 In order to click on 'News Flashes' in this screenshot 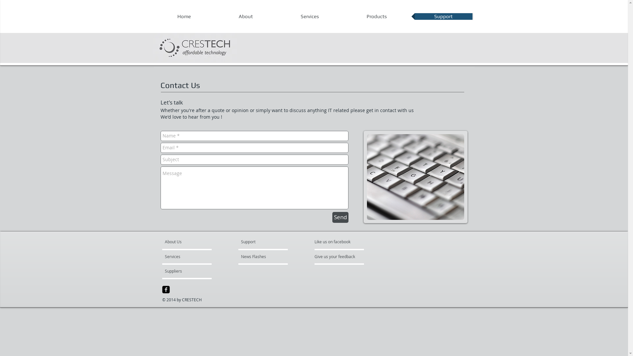, I will do `click(259, 256)`.